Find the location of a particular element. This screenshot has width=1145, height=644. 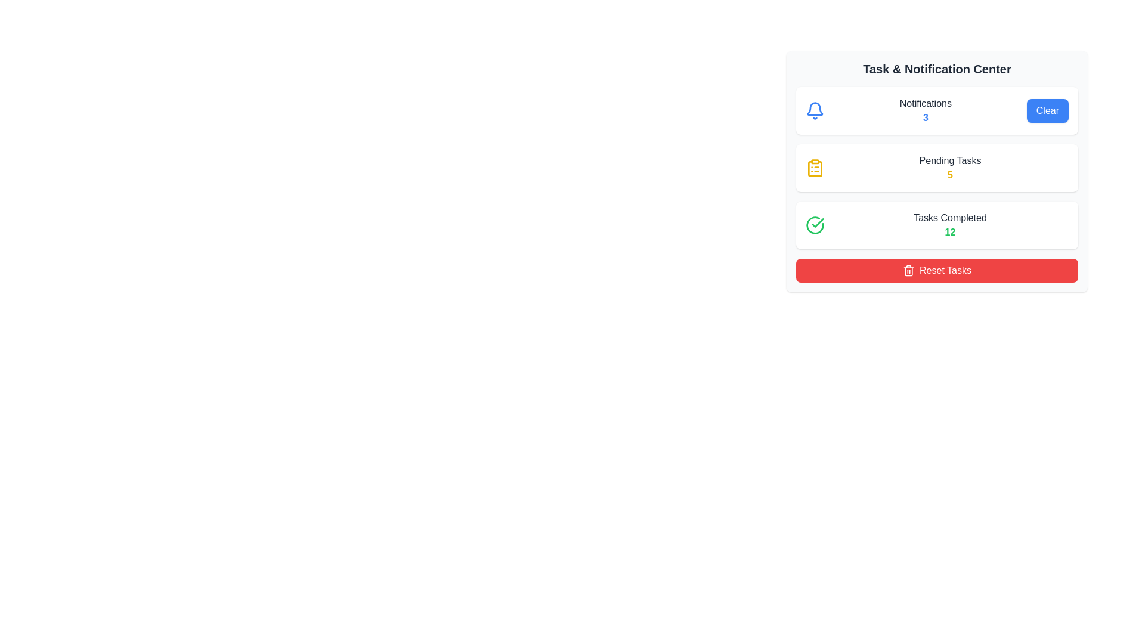

the Information Display Card that shows the number of completed tasks, indicated by the number '12' in green-bold styled text, which is the third card in the 'Task & Notification Center' is located at coordinates (936, 225).